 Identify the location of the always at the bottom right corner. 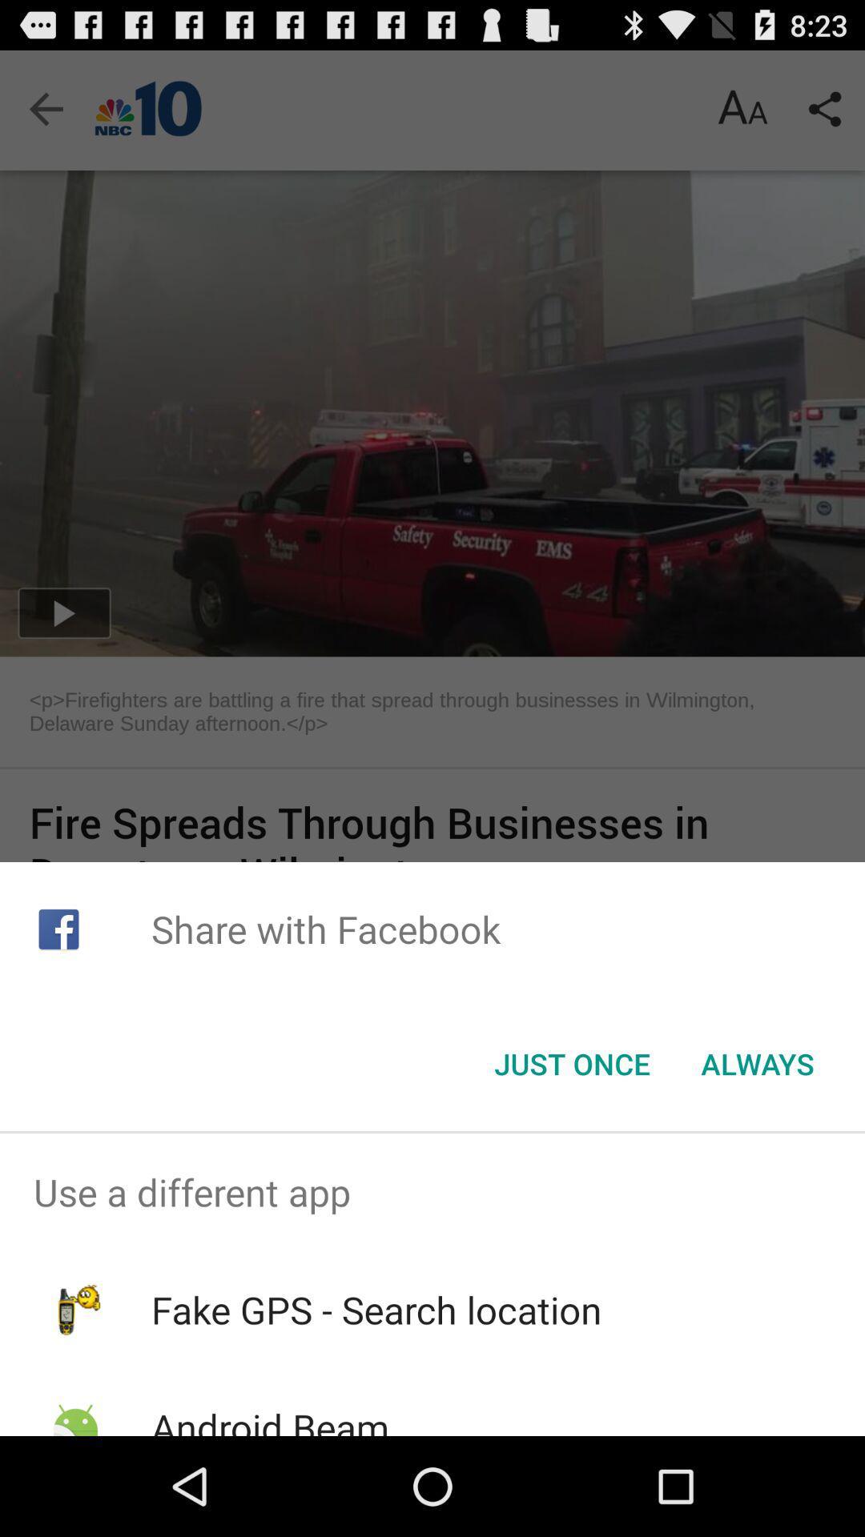
(757, 1064).